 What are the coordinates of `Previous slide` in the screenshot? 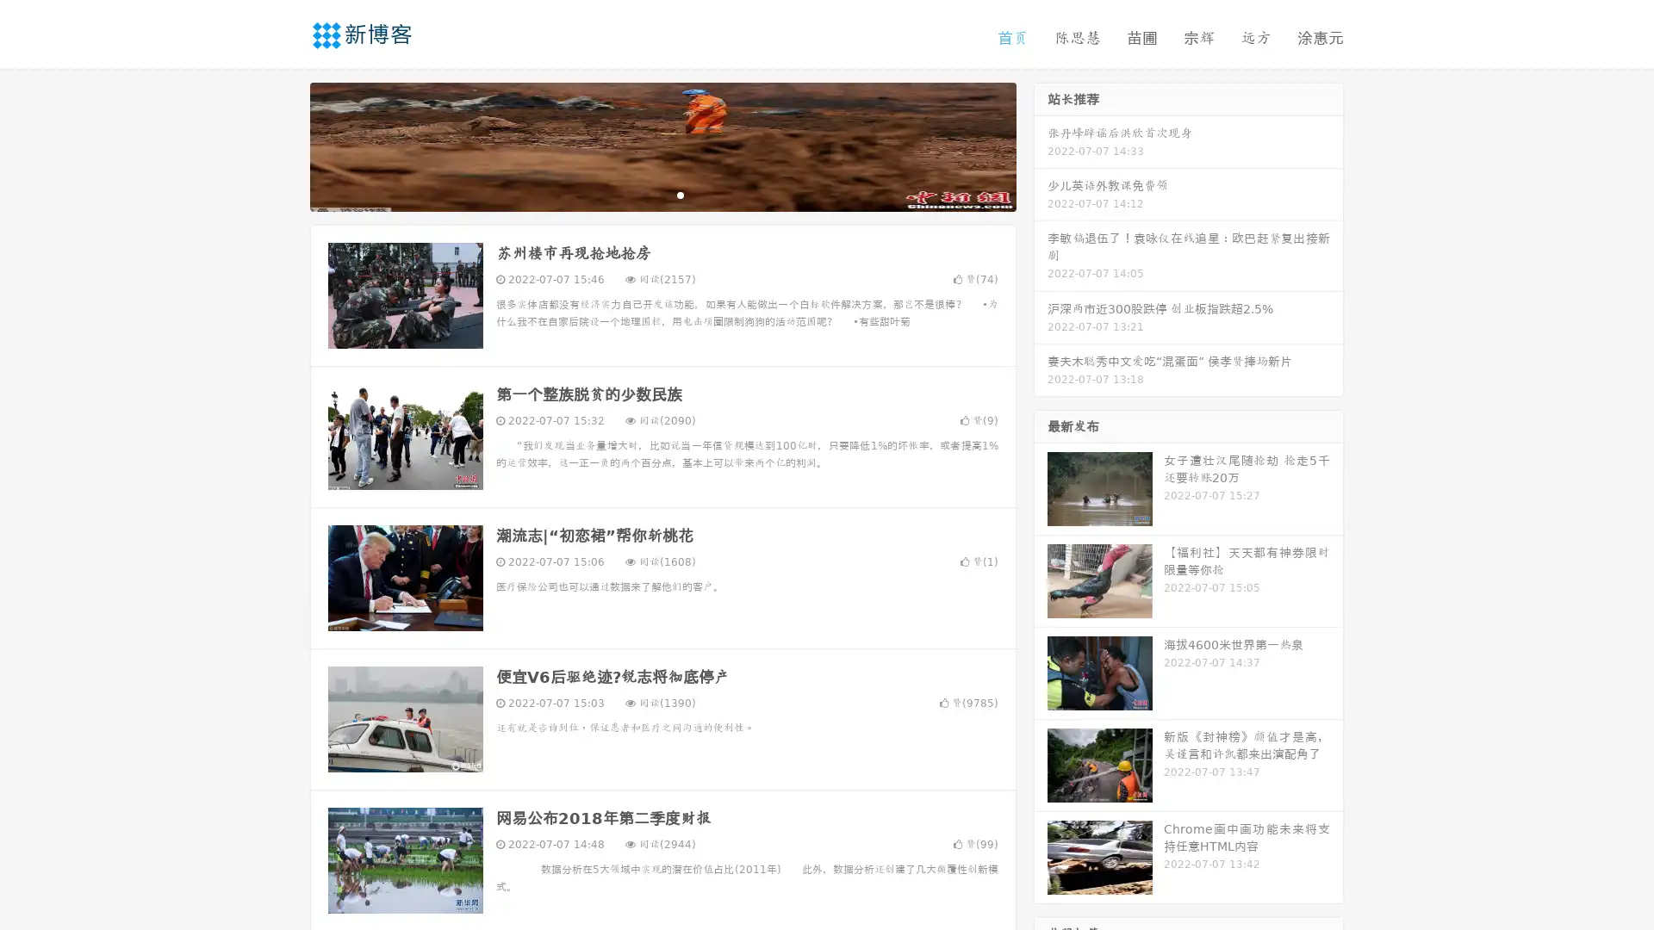 It's located at (284, 145).